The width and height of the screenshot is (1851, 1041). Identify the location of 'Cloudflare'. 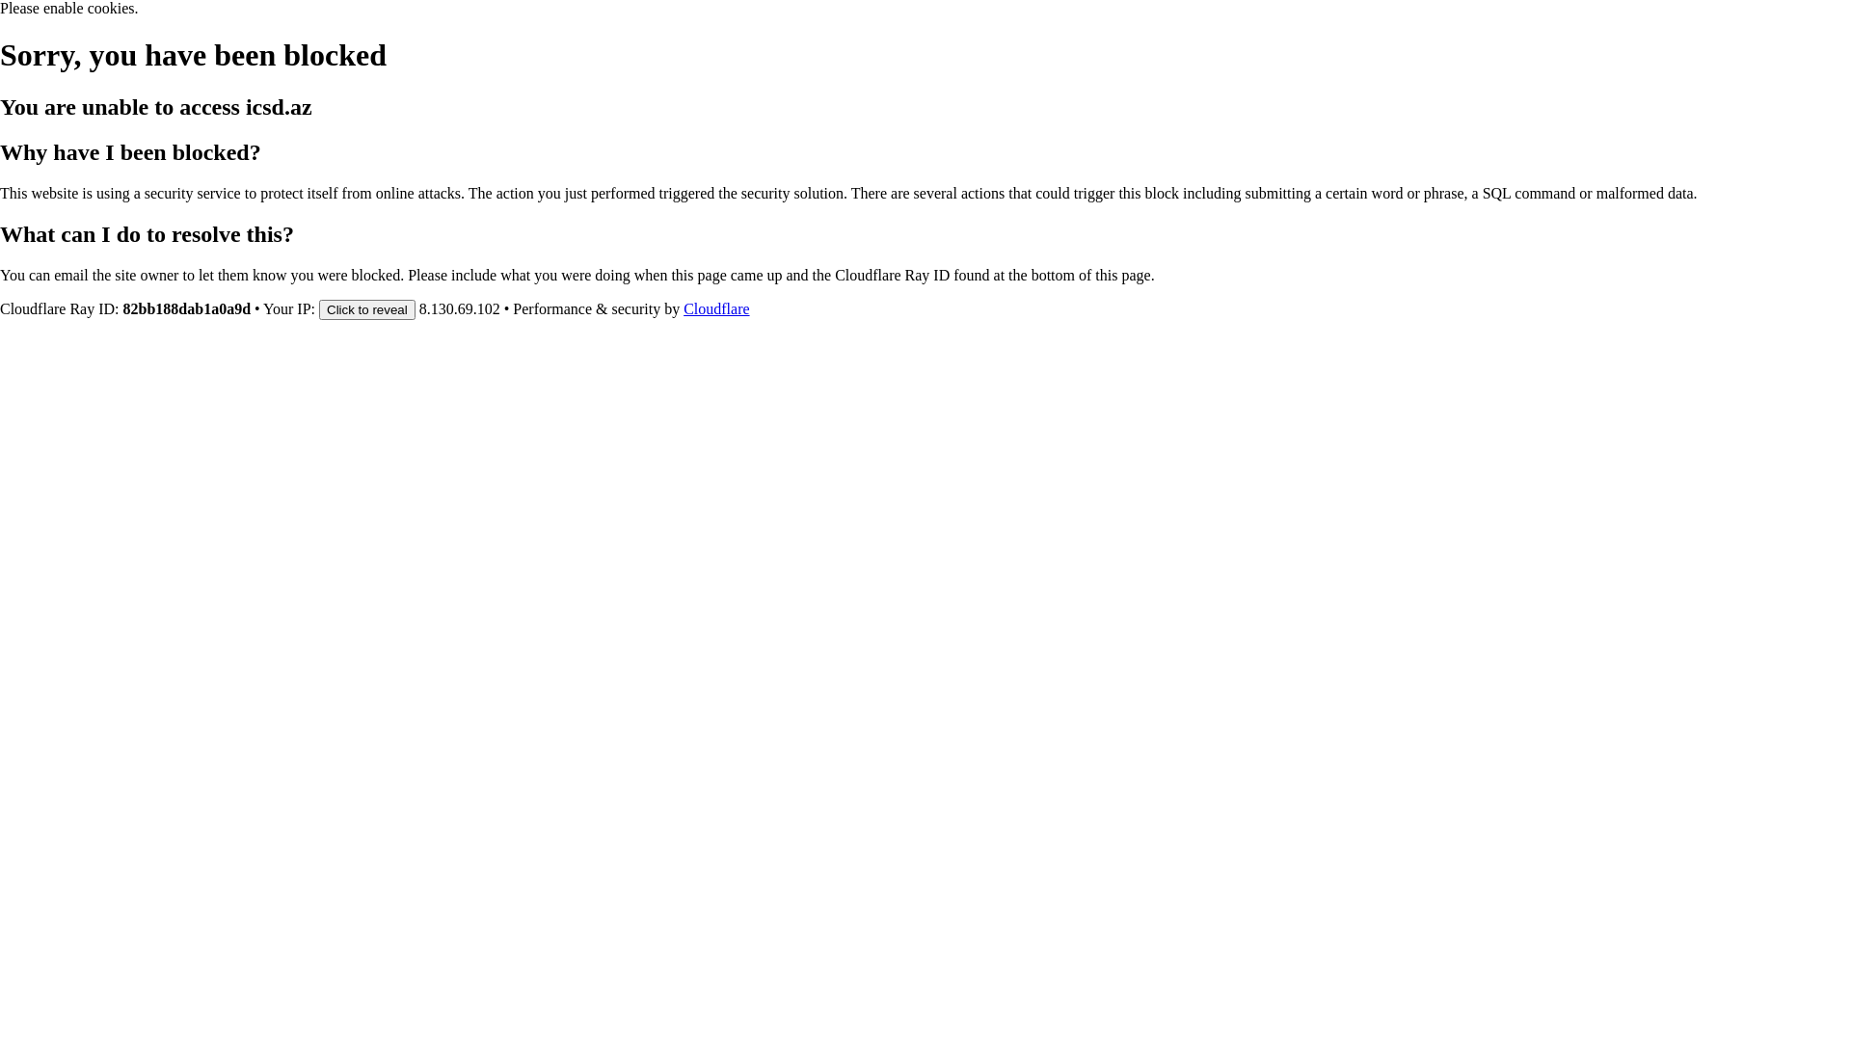
(715, 307).